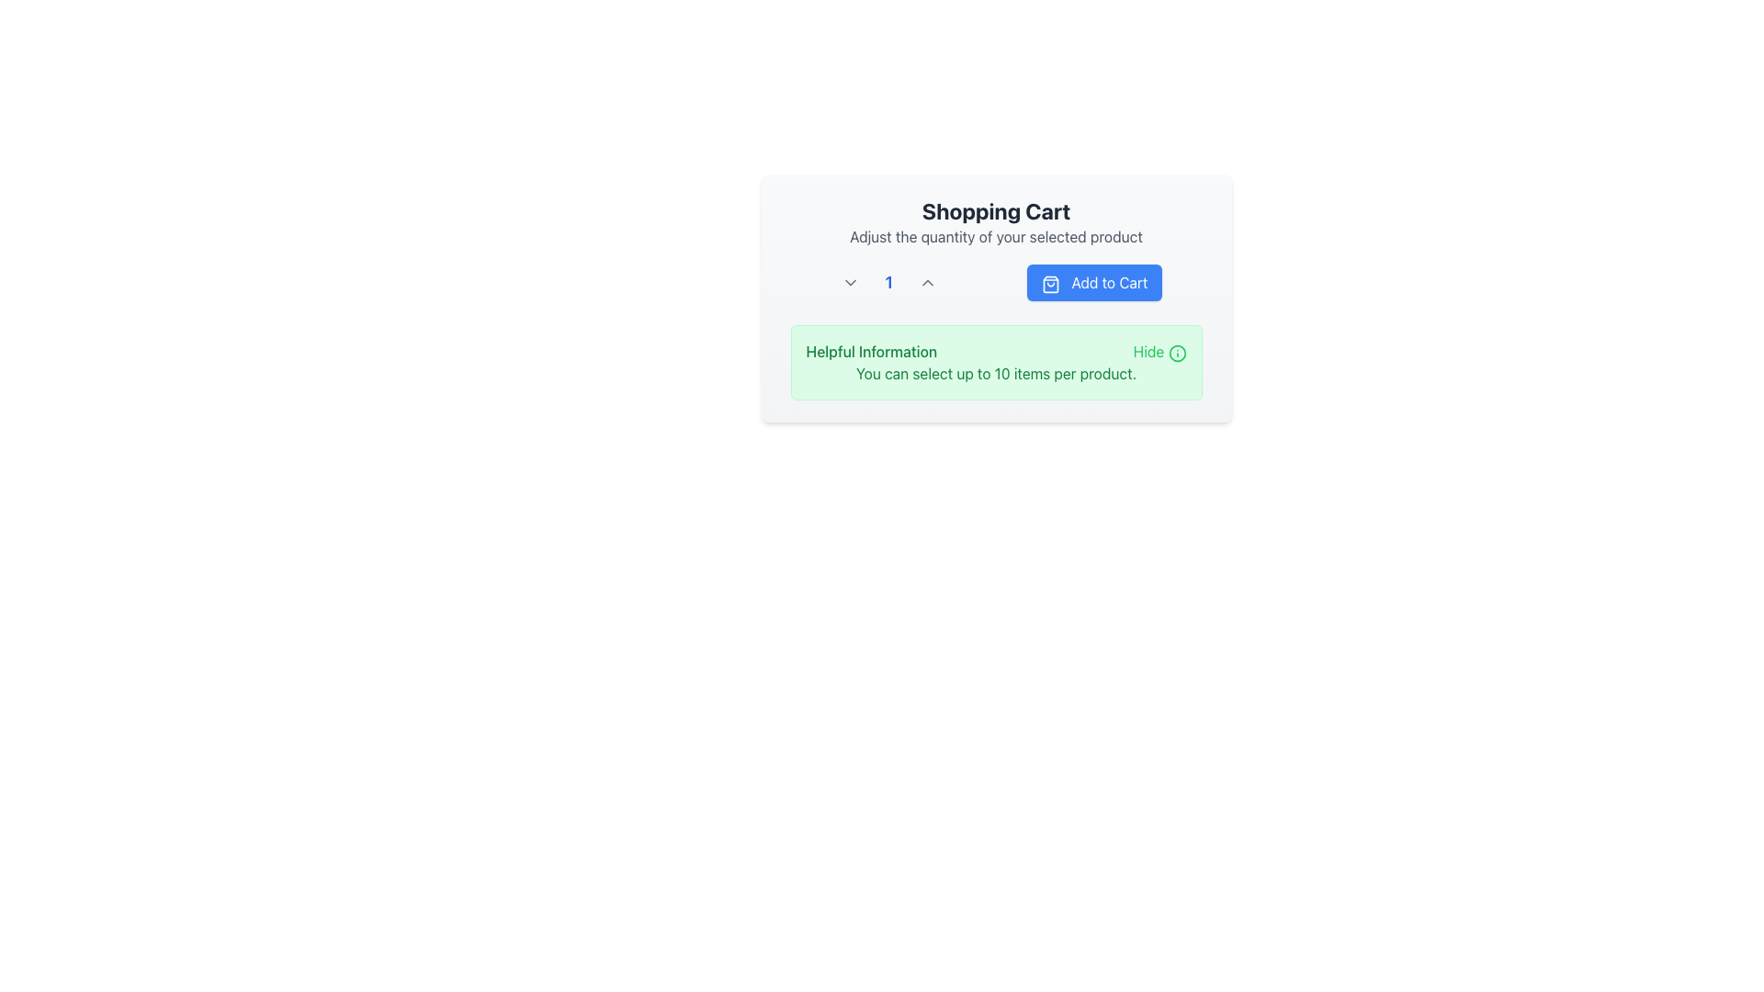 This screenshot has width=1764, height=992. Describe the element at coordinates (1177, 353) in the screenshot. I see `the circular outline of the SVG component located in the top-right corner of the green area labeled 'Helpful Information', next to the text 'Hide'` at that location.